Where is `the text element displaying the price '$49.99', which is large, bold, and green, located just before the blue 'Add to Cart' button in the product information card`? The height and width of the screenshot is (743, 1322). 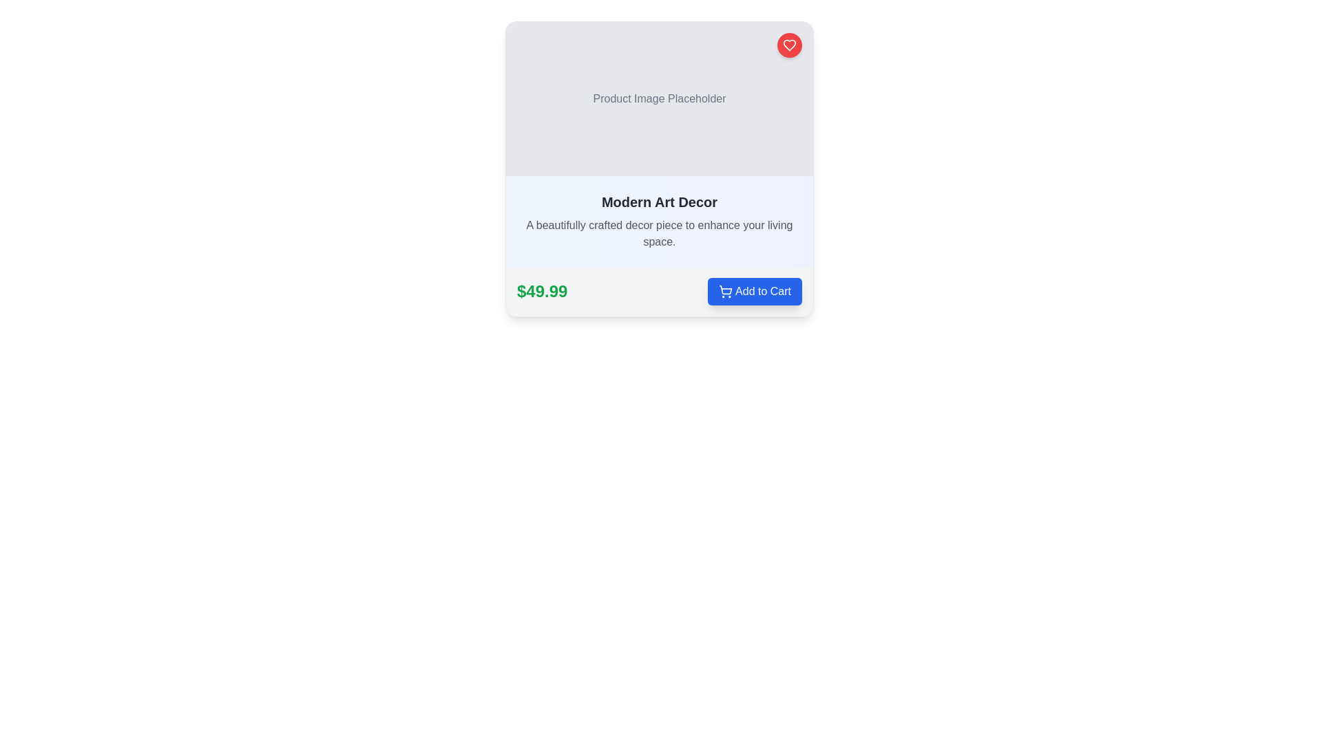 the text element displaying the price '$49.99', which is large, bold, and green, located just before the blue 'Add to Cart' button in the product information card is located at coordinates (541, 291).